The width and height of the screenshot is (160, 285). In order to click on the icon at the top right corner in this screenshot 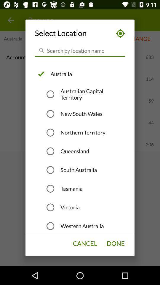, I will do `click(118, 33)`.